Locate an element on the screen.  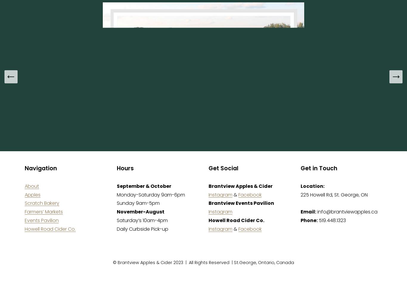
'Location:' is located at coordinates (312, 185).